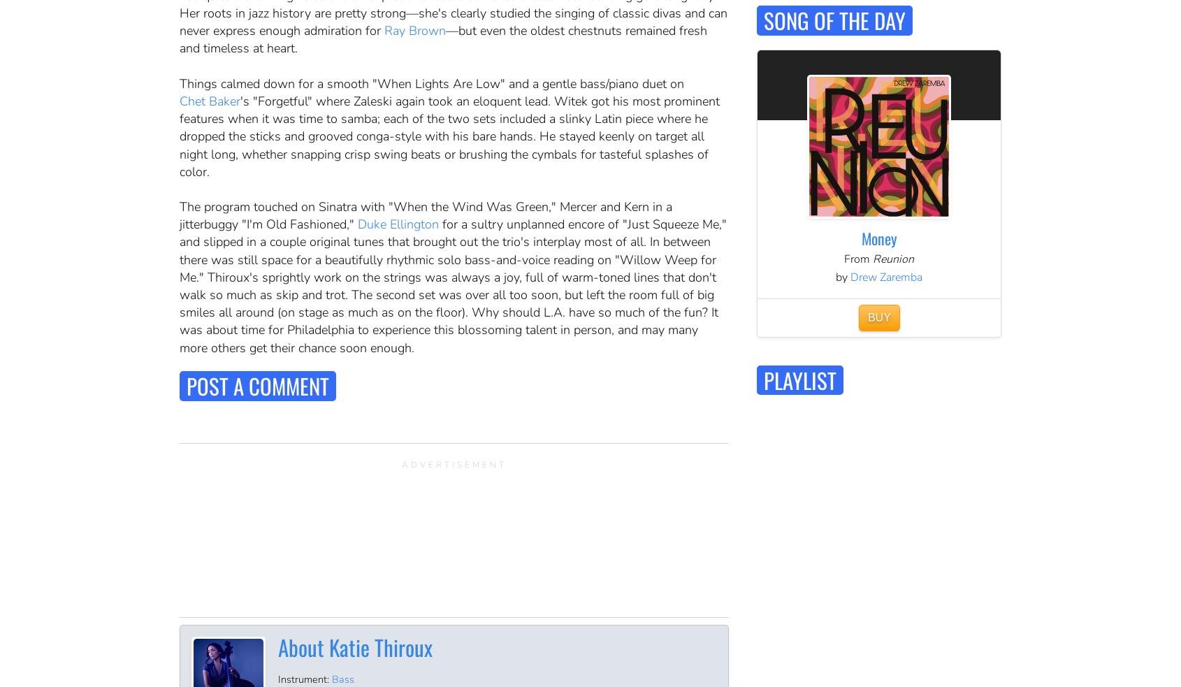 The width and height of the screenshot is (1181, 687). Describe the element at coordinates (354, 646) in the screenshot. I see `'About Katie Thiroux'` at that location.